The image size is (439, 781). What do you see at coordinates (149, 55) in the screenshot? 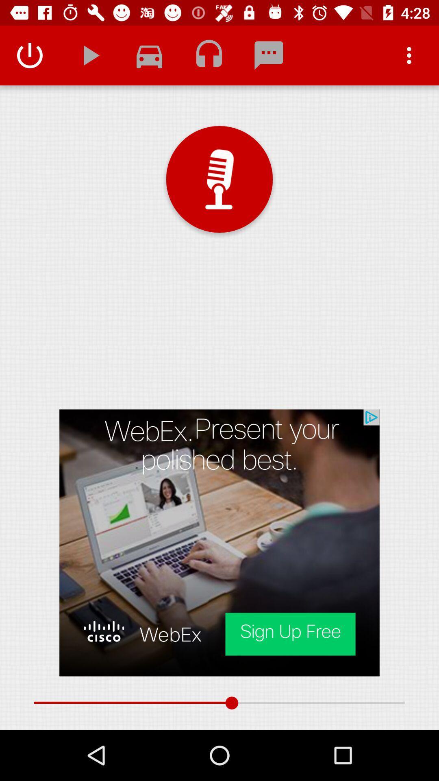
I see `the chat icon` at bounding box center [149, 55].